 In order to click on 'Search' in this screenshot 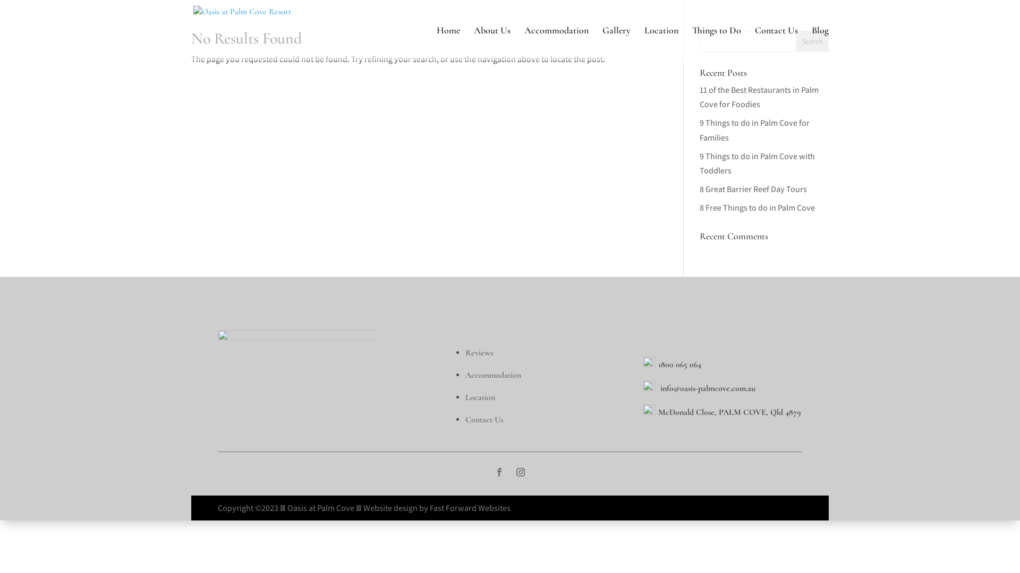, I will do `click(795, 40)`.